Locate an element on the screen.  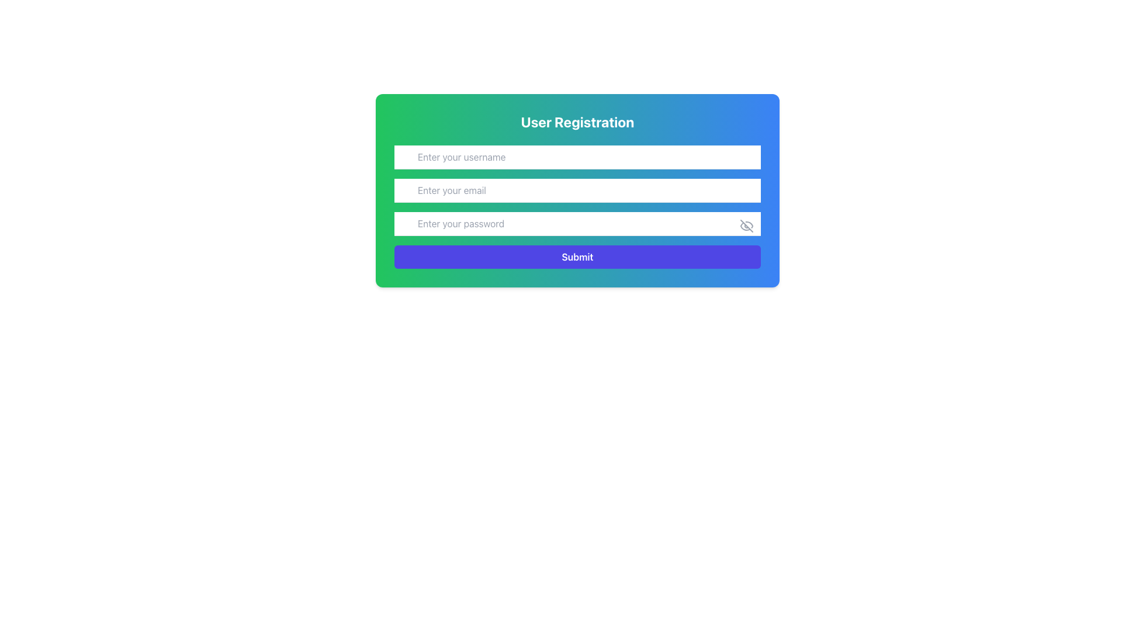
the email input field in the user registration form is located at coordinates (577, 190).